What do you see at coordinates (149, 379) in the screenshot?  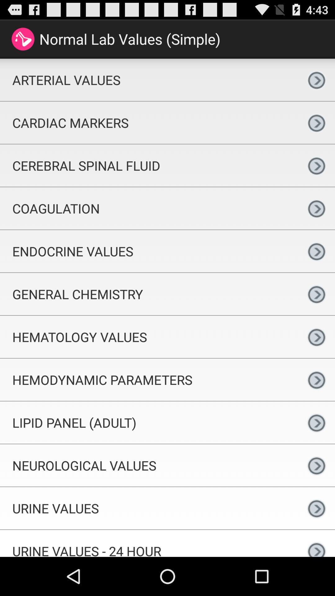 I see `the hemodynamic parameters app` at bounding box center [149, 379].